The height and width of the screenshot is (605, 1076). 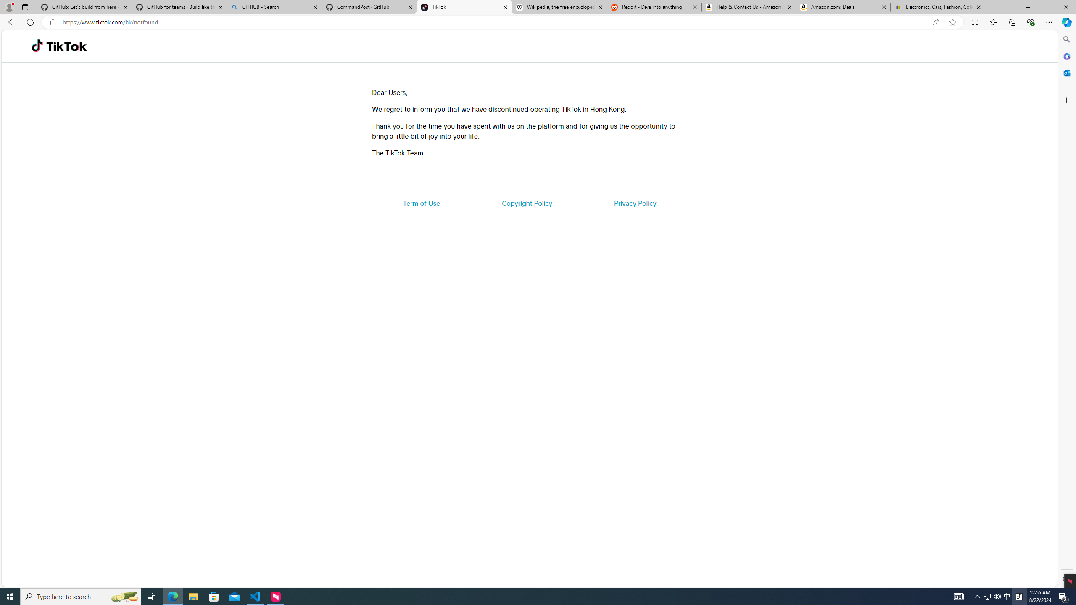 What do you see at coordinates (66, 46) in the screenshot?
I see `'TikTok'` at bounding box center [66, 46].